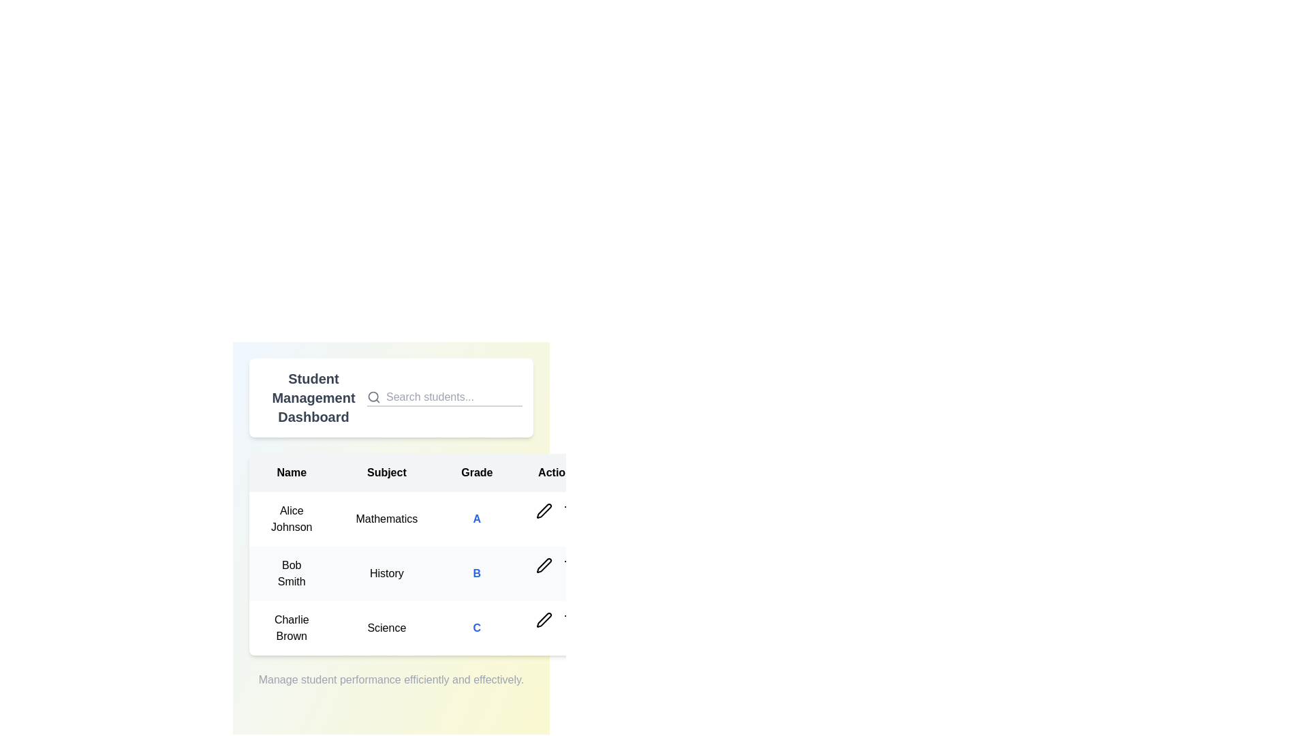 The image size is (1308, 736). I want to click on the static text label 'Mathematics', which is styled in black text on a white background, located in the second column of the table under the 'Subject' header, in the same row as 'Alice Johnson', so click(386, 519).